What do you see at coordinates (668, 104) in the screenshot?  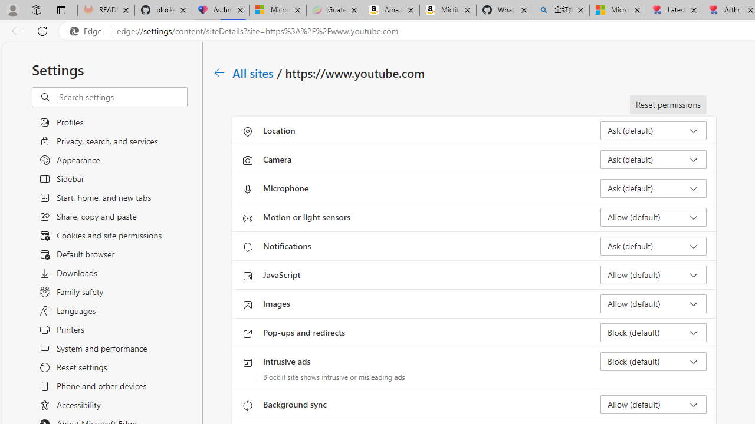 I see `'Reset permissions'` at bounding box center [668, 104].